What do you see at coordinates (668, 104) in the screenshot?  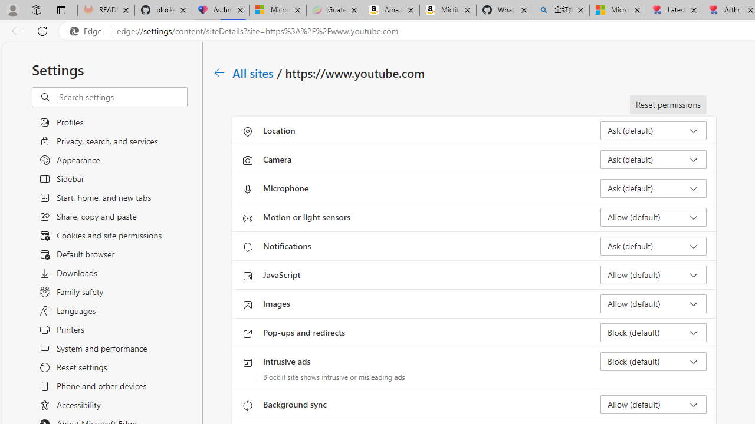 I see `'Reset permissions'` at bounding box center [668, 104].